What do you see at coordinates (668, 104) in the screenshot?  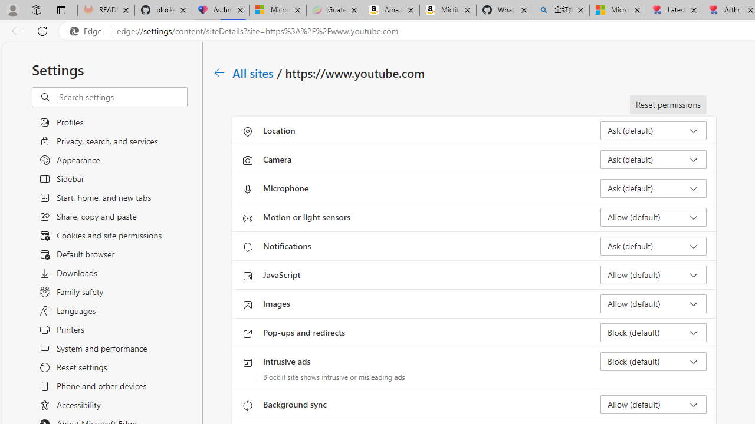 I see `'Reset permissions'` at bounding box center [668, 104].